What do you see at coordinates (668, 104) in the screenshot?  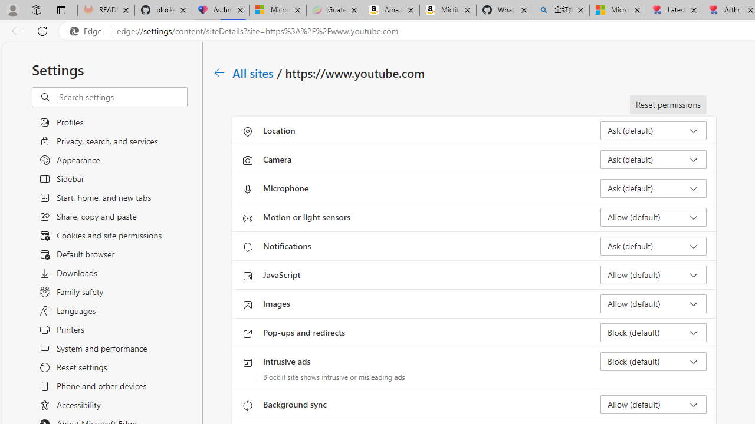 I see `'Reset permissions'` at bounding box center [668, 104].